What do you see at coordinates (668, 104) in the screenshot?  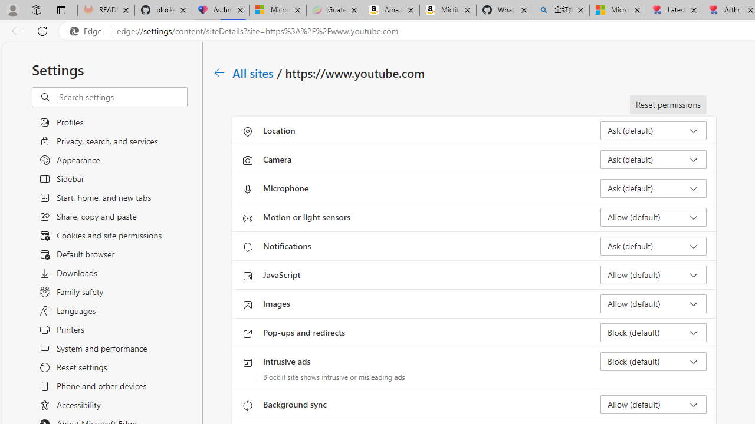 I see `'Reset permissions'` at bounding box center [668, 104].